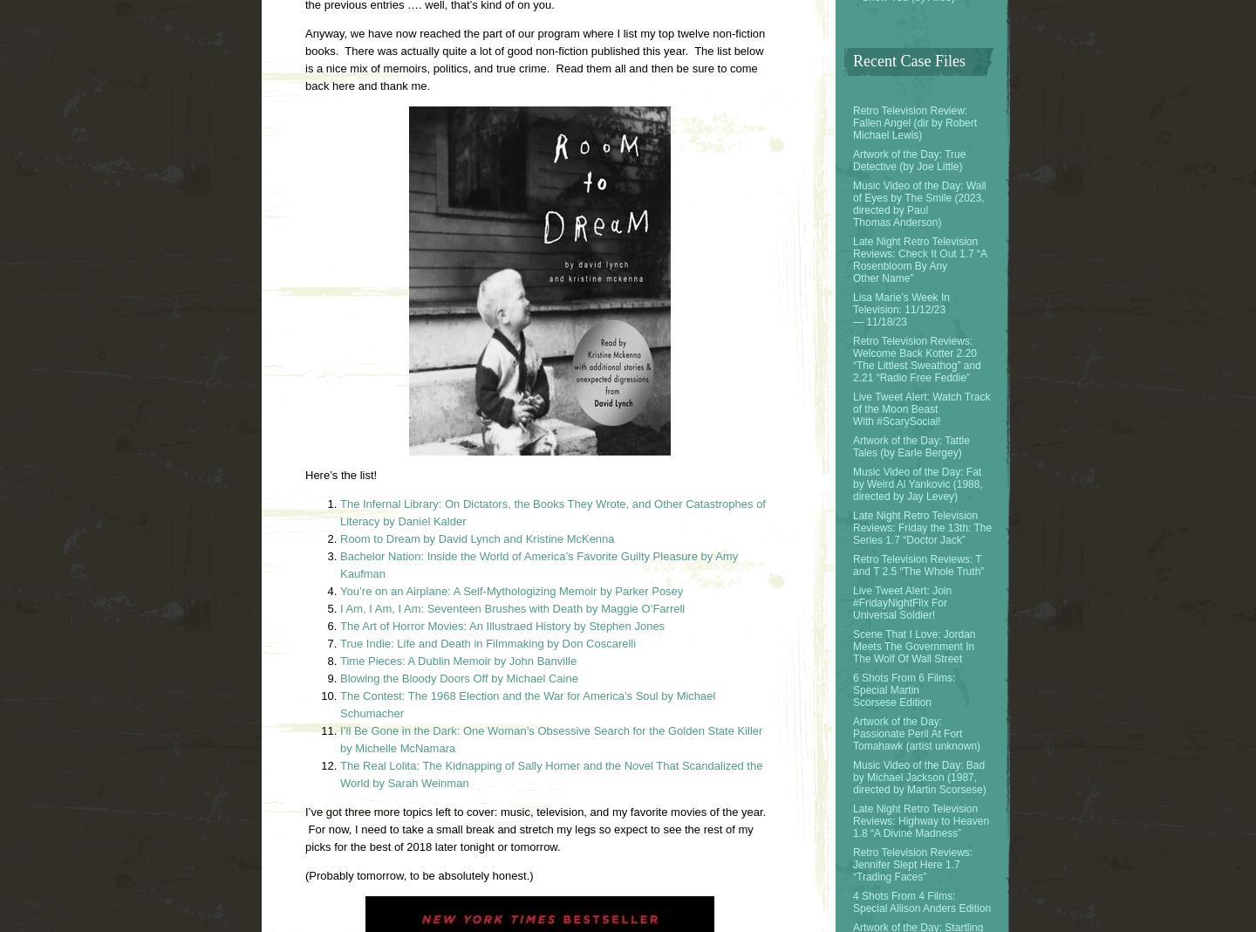  I want to click on 'I’ll Be Gone in the Dark: One Woman’s Obsessive Search for the Golden State Killer by Michelle McNamara', so click(550, 738).